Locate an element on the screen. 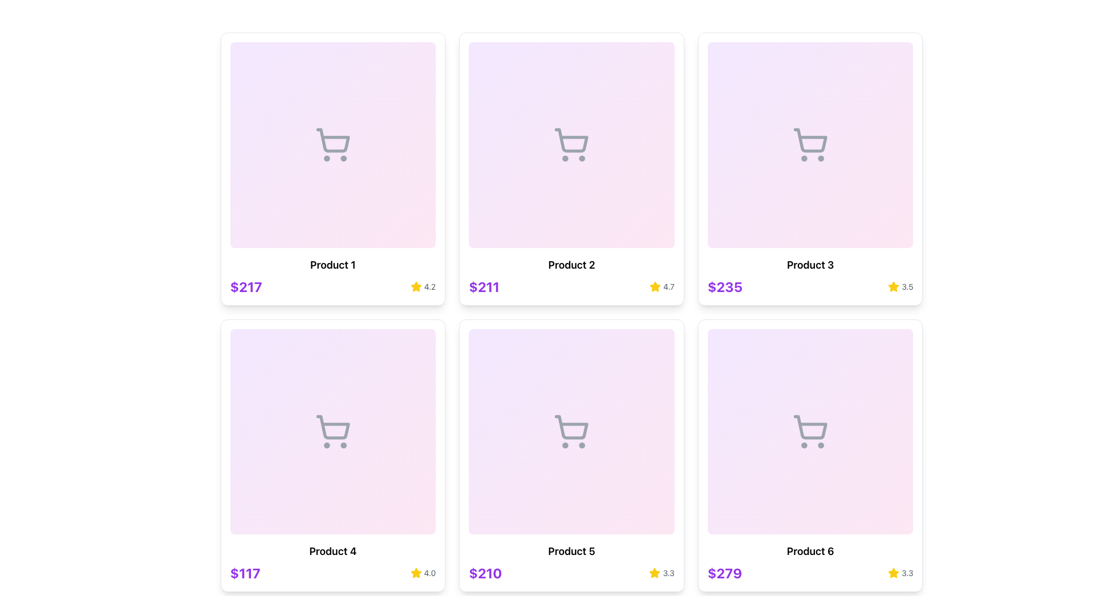 This screenshot has width=1095, height=616. the star icon representing the user rating for 'Product 6', located at the bottom-right corner of its card layout, before the textual rating value '3.3' is located at coordinates (893, 573).